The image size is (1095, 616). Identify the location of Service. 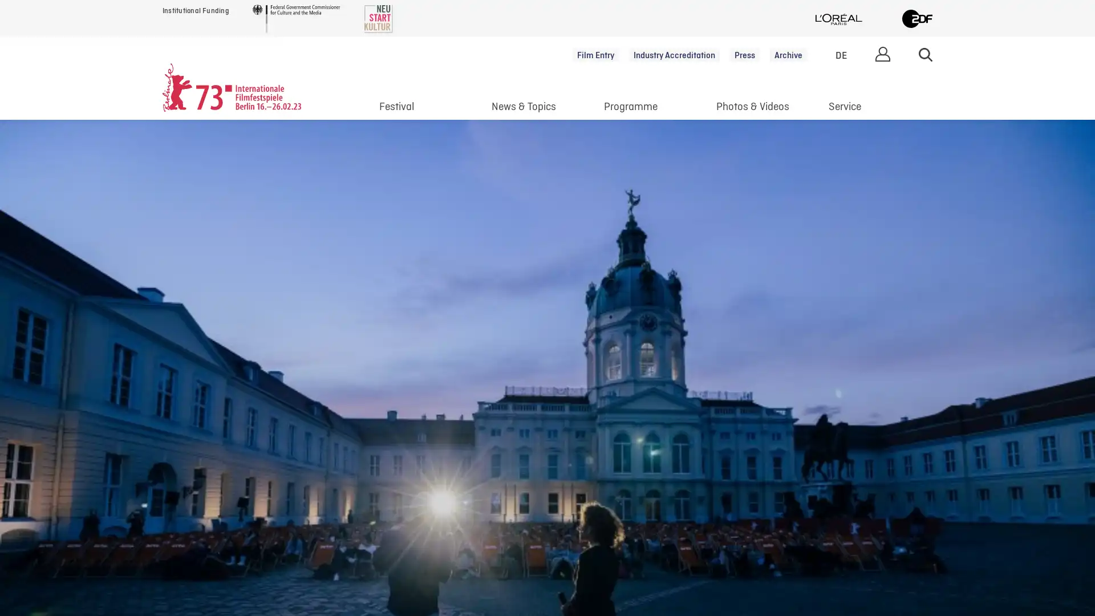
(844, 109).